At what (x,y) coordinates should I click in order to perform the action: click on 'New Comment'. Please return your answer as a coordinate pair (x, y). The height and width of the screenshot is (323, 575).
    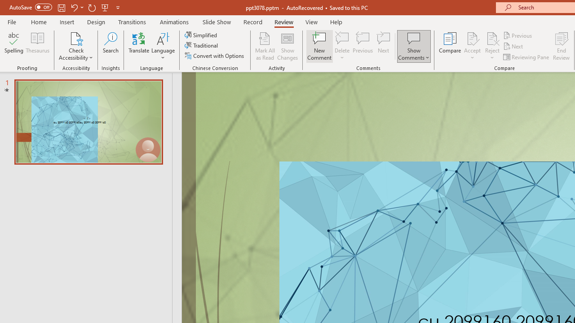
    Looking at the image, I should click on (319, 46).